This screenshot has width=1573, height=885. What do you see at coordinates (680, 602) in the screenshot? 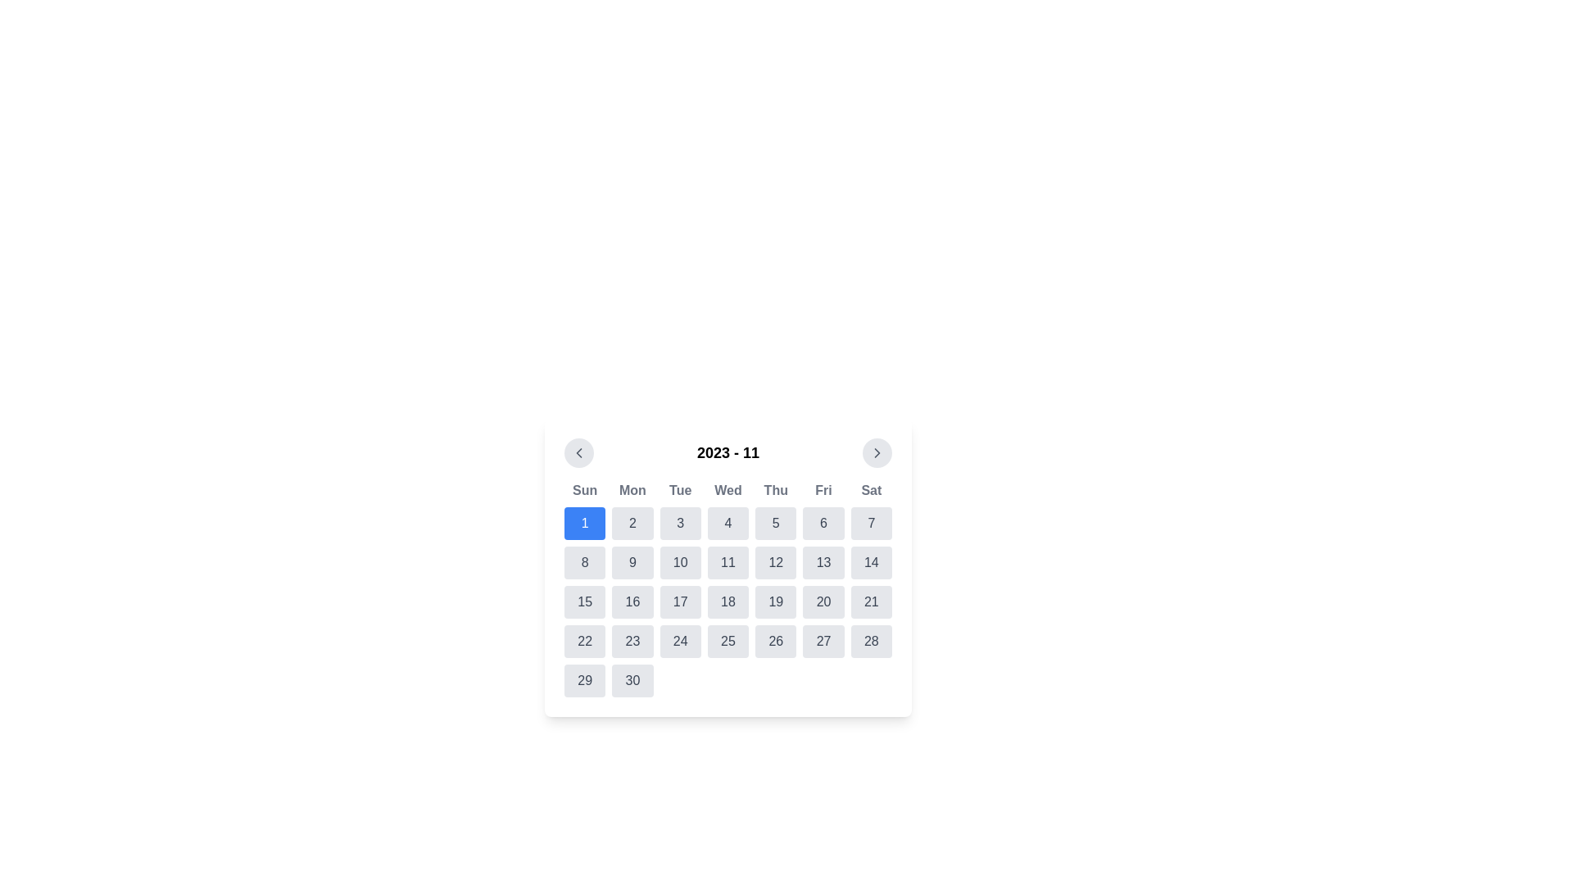
I see `the button representing the 17th day in the calendar grid` at bounding box center [680, 602].